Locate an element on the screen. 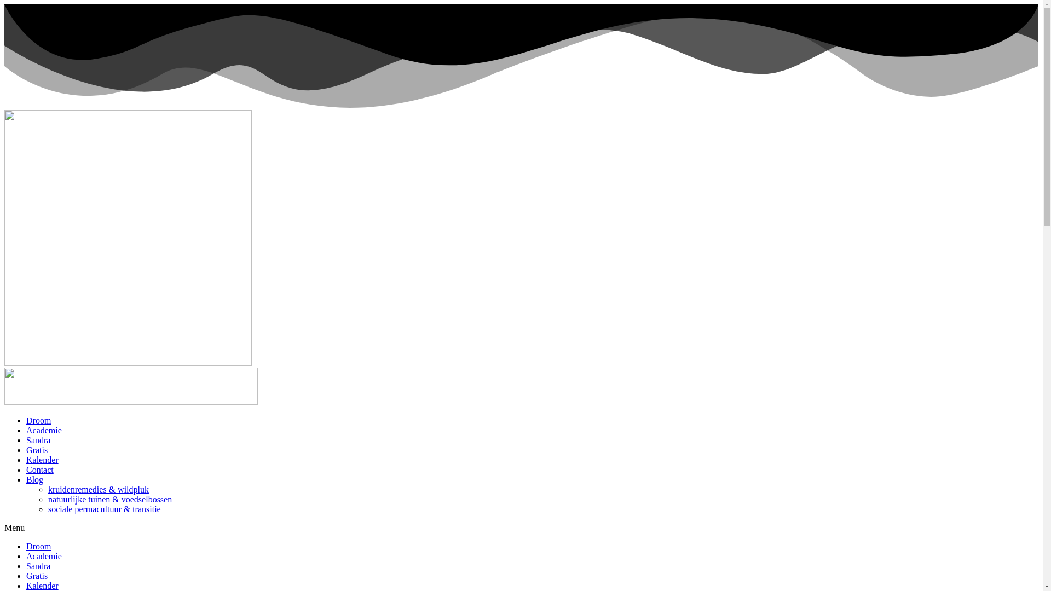  'kruidenremedies & wildpluk' is located at coordinates (47, 489).